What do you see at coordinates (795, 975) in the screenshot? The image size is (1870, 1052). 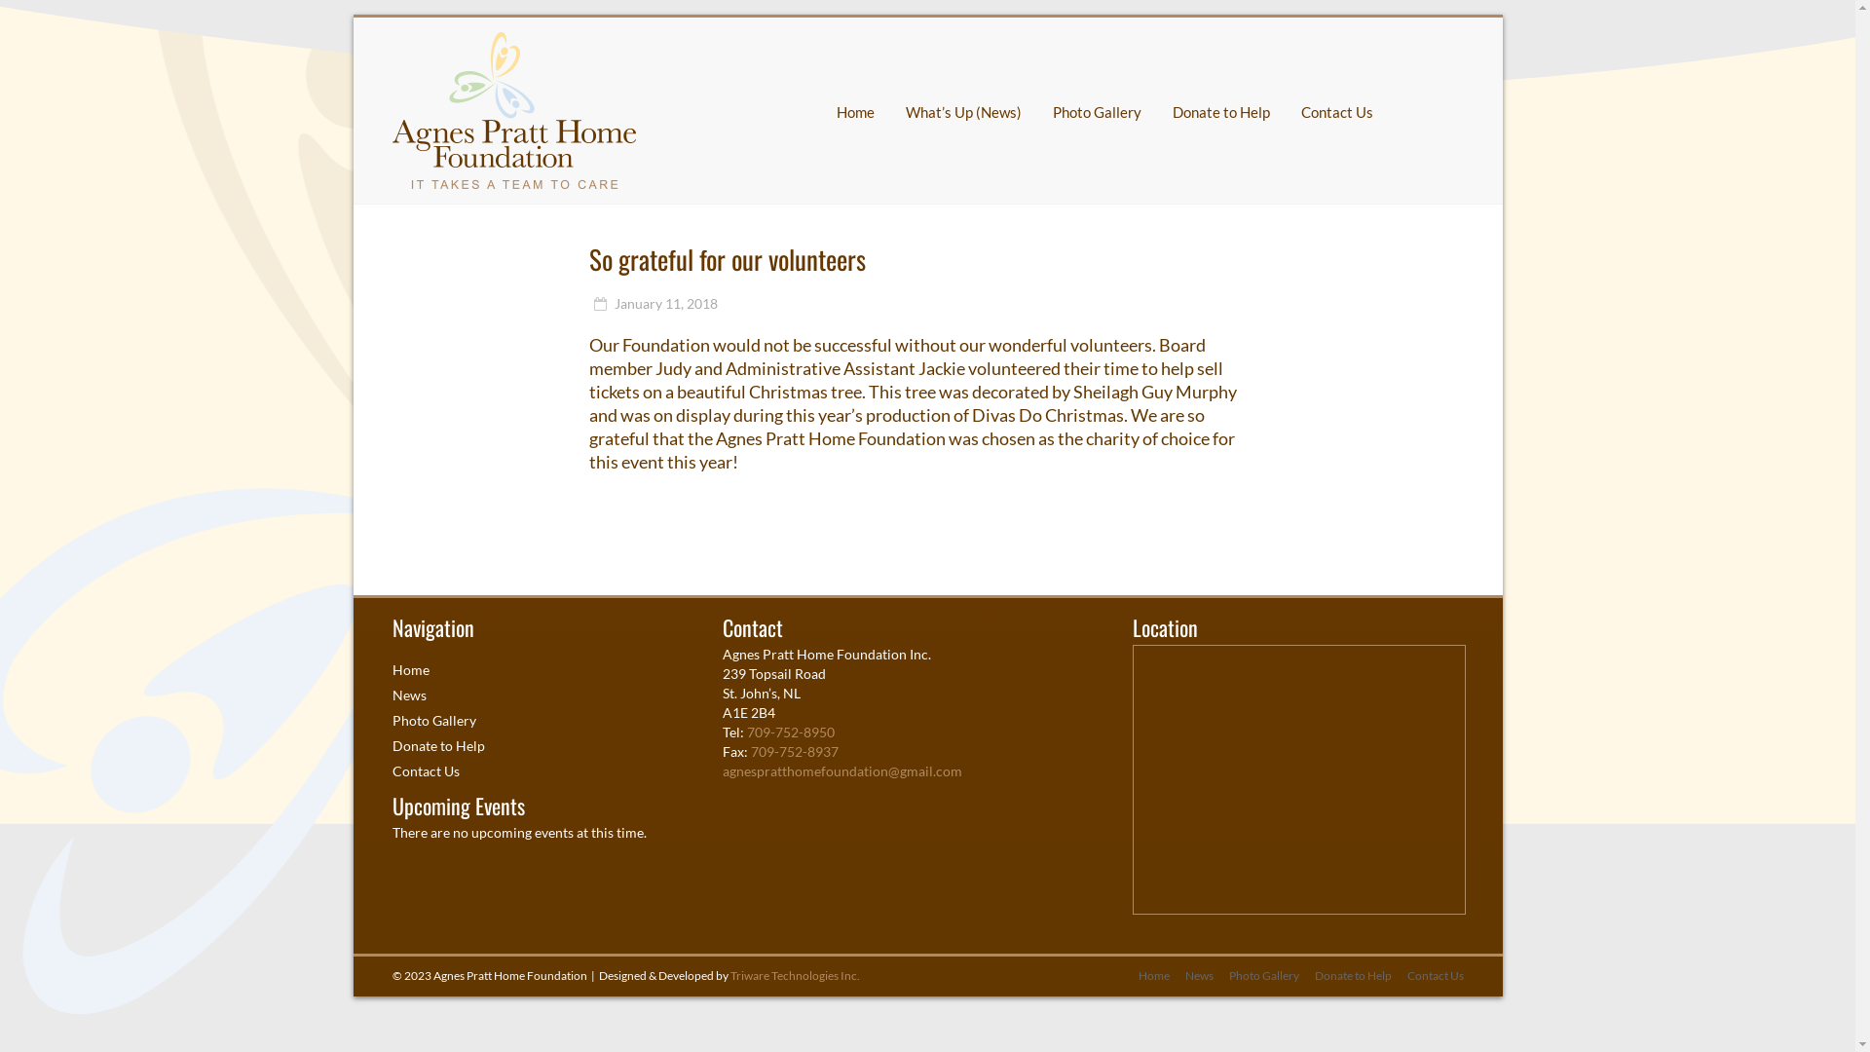 I see `'Triware Technologies Inc.'` at bounding box center [795, 975].